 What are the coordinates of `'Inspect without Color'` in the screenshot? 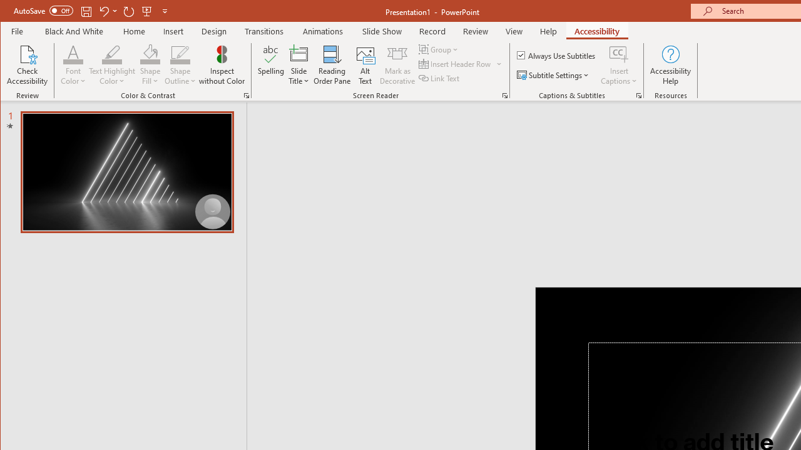 It's located at (222, 65).